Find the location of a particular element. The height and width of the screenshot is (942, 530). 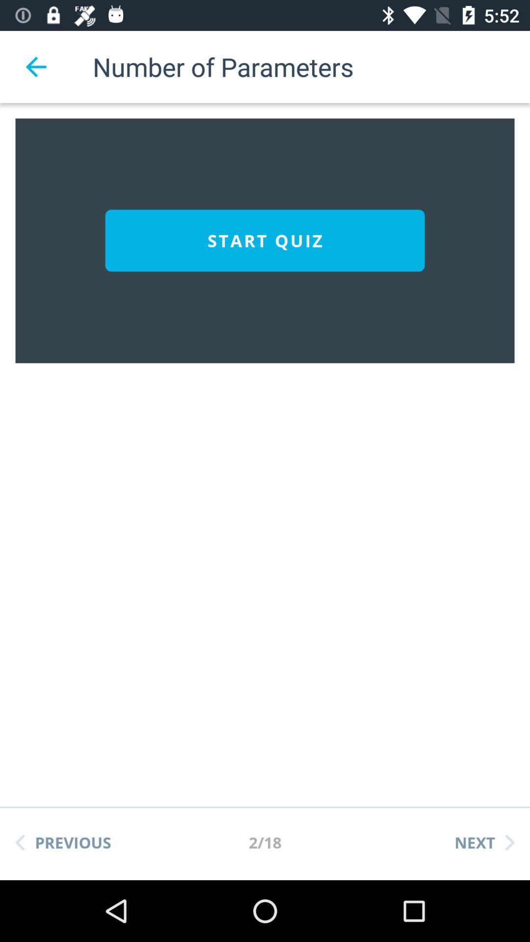

the previous icon is located at coordinates (63, 842).